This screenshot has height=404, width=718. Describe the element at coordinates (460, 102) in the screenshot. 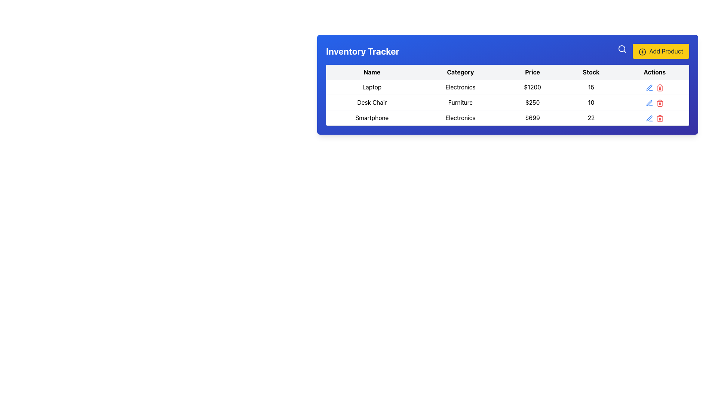

I see `the Text Cell indicating the category classification of the 'Desk Chair' item in the inventory list` at that location.